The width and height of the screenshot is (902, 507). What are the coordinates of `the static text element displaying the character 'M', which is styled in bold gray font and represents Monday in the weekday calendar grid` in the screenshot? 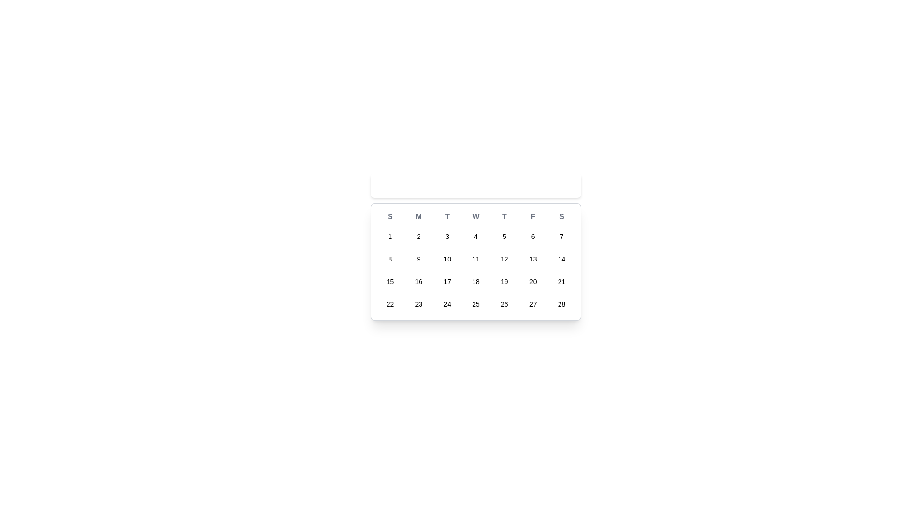 It's located at (418, 217).